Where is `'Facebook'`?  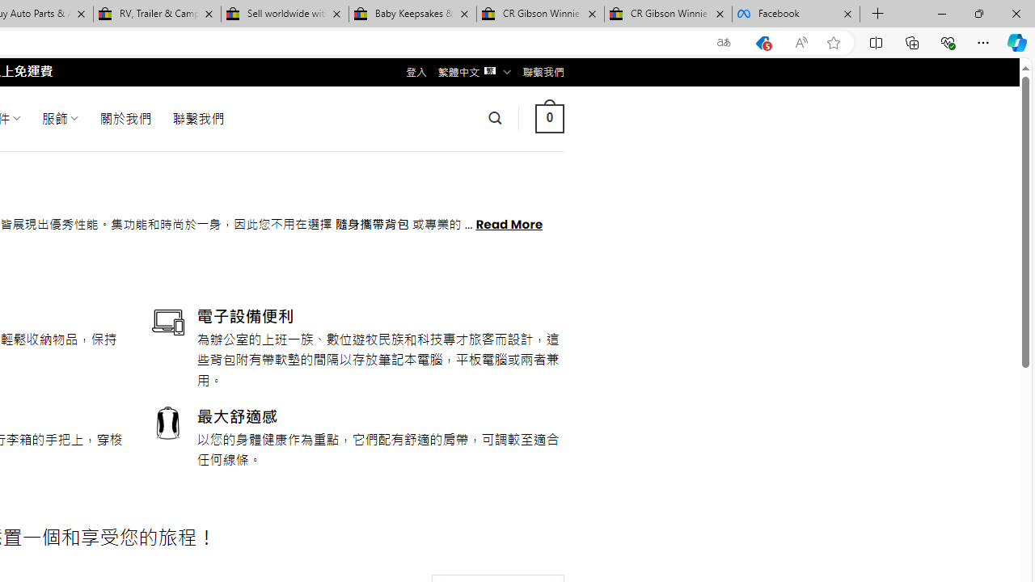 'Facebook' is located at coordinates (796, 14).